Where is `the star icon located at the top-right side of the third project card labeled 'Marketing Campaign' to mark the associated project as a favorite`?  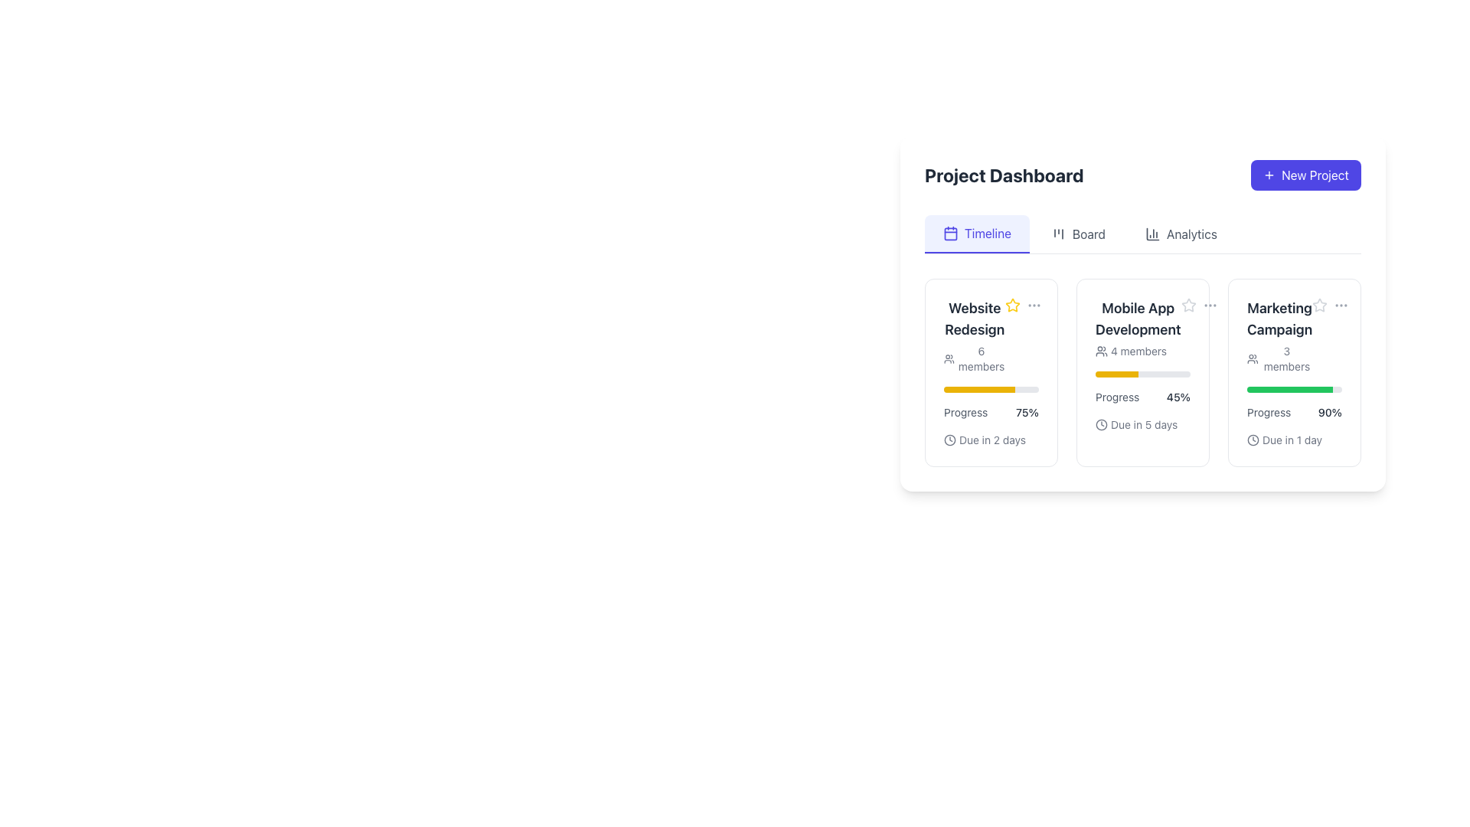
the star icon located at the top-right side of the third project card labeled 'Marketing Campaign' to mark the associated project as a favorite is located at coordinates (1319, 305).